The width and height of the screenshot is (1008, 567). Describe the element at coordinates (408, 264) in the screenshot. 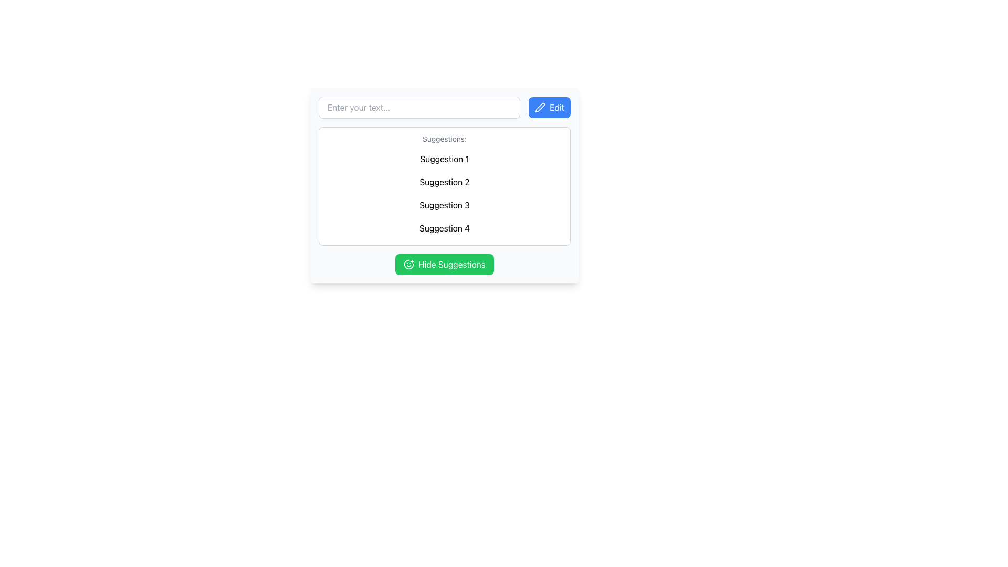

I see `the icon inside the green button labeled 'Hide Suggestions' that represents an action related to adding or smiling` at that location.